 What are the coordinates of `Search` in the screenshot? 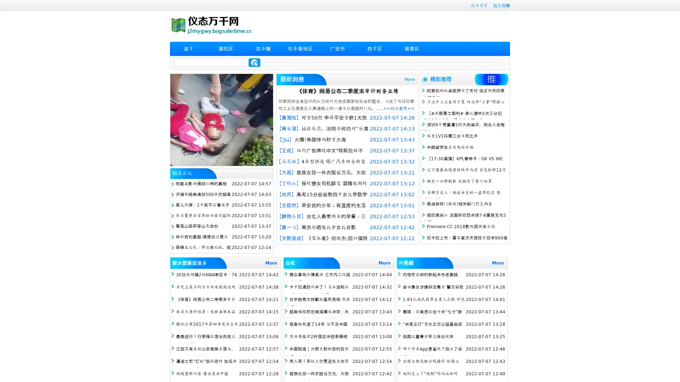 It's located at (254, 62).